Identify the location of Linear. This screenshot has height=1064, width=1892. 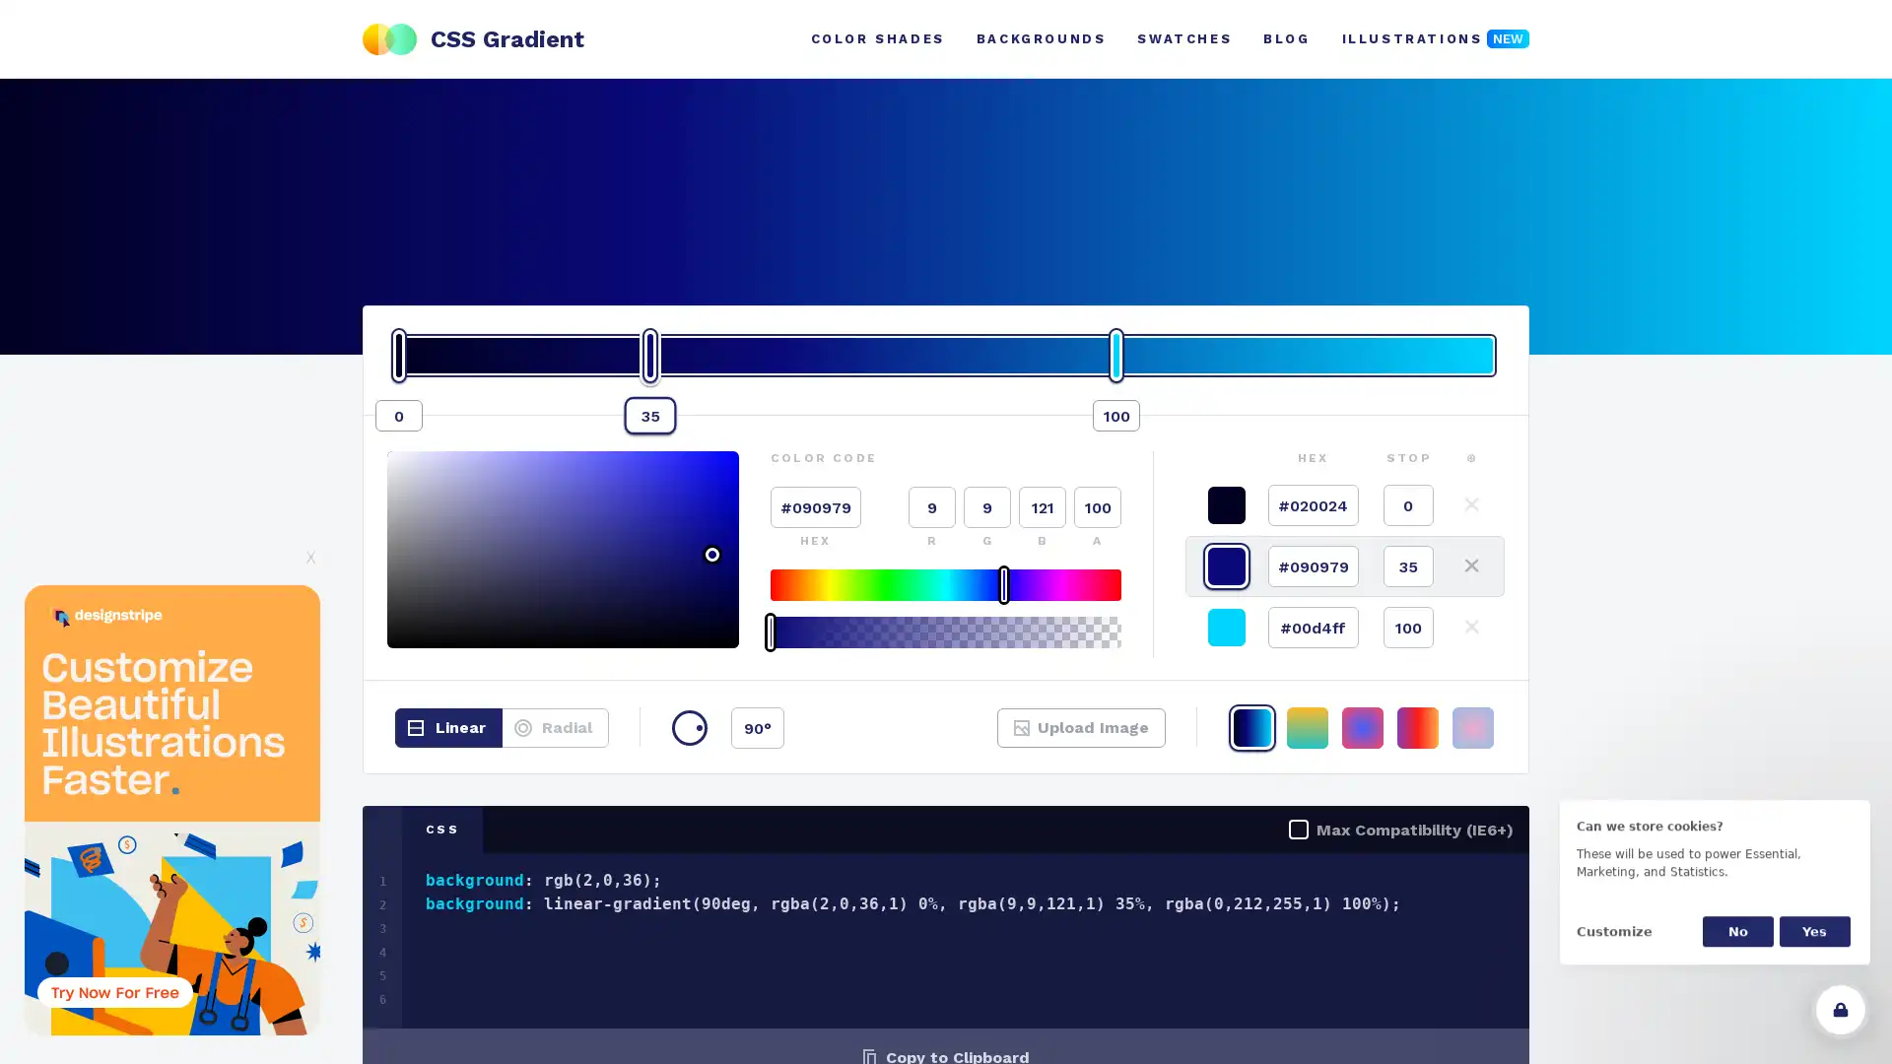
(447, 728).